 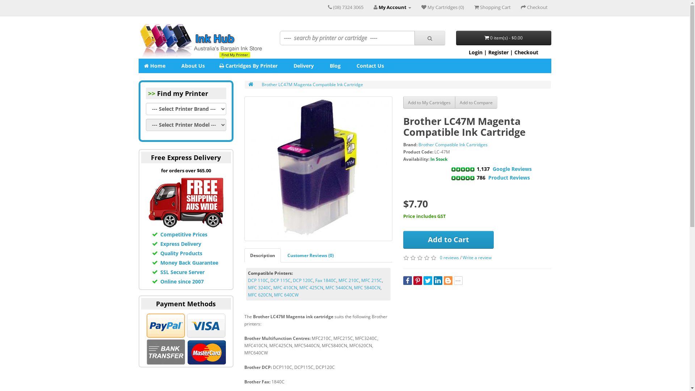 I want to click on 'Customer Reviews (0)', so click(x=311, y=255).